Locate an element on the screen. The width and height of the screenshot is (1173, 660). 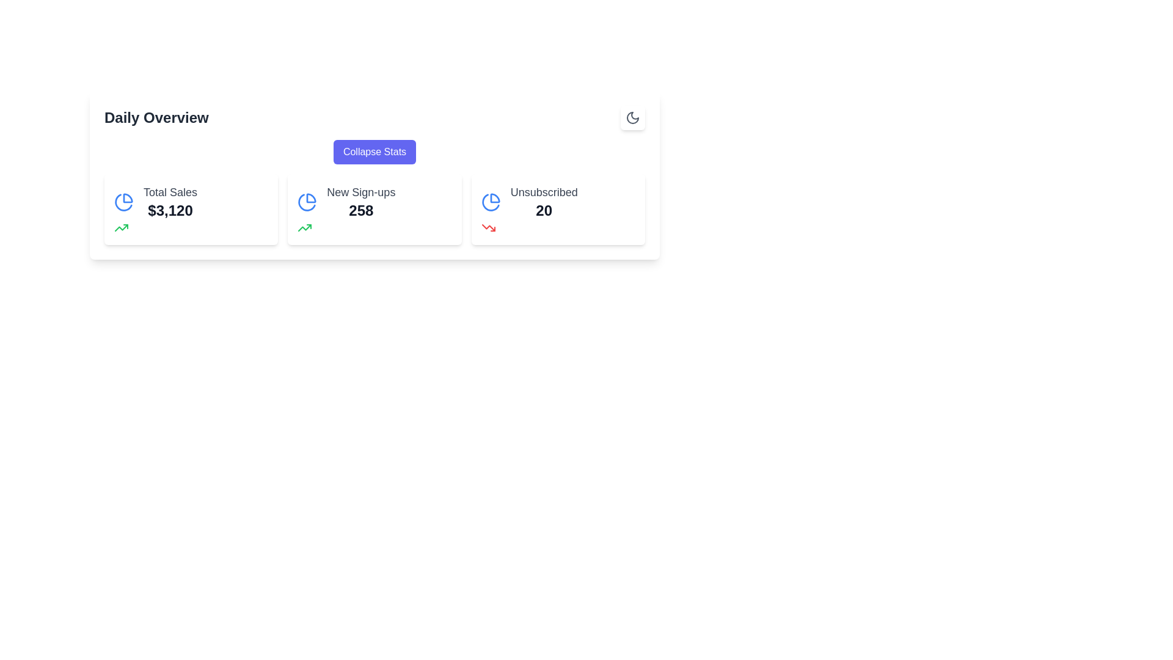
the toggle icon in the top-right corner of the 'Daily Overview' section is located at coordinates (633, 117).